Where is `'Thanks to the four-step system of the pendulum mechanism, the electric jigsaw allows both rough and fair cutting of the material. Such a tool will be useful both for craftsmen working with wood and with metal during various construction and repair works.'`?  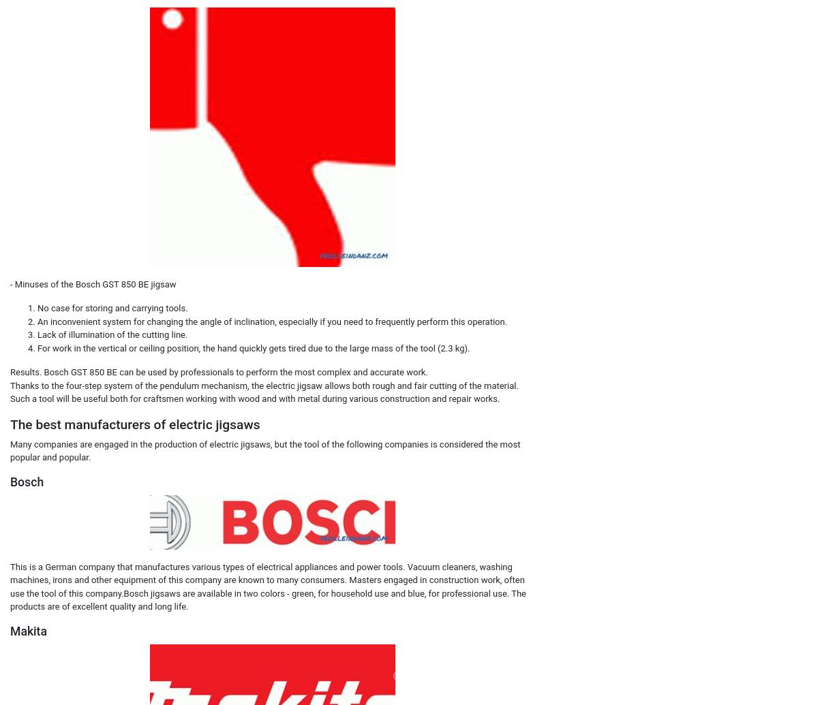 'Thanks to the four-step system of the pendulum mechanism, the electric jigsaw allows both rough and fair cutting of the material. Such a tool will be useful both for craftsmen working with wood and with metal during various construction and repair works.' is located at coordinates (264, 391).